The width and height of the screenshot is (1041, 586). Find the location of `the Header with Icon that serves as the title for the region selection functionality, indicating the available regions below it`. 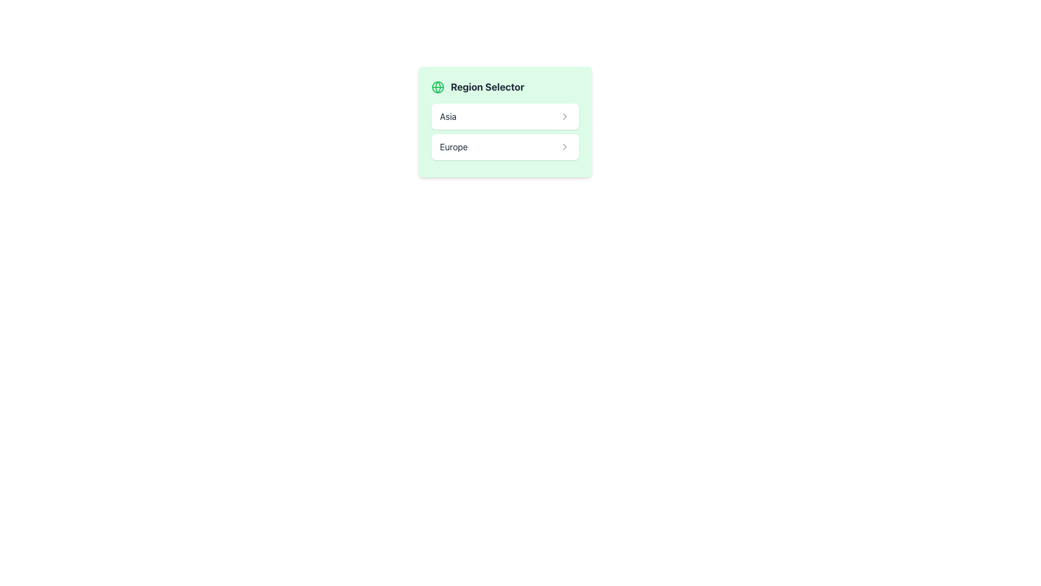

the Header with Icon that serves as the title for the region selection functionality, indicating the available regions below it is located at coordinates (504, 87).